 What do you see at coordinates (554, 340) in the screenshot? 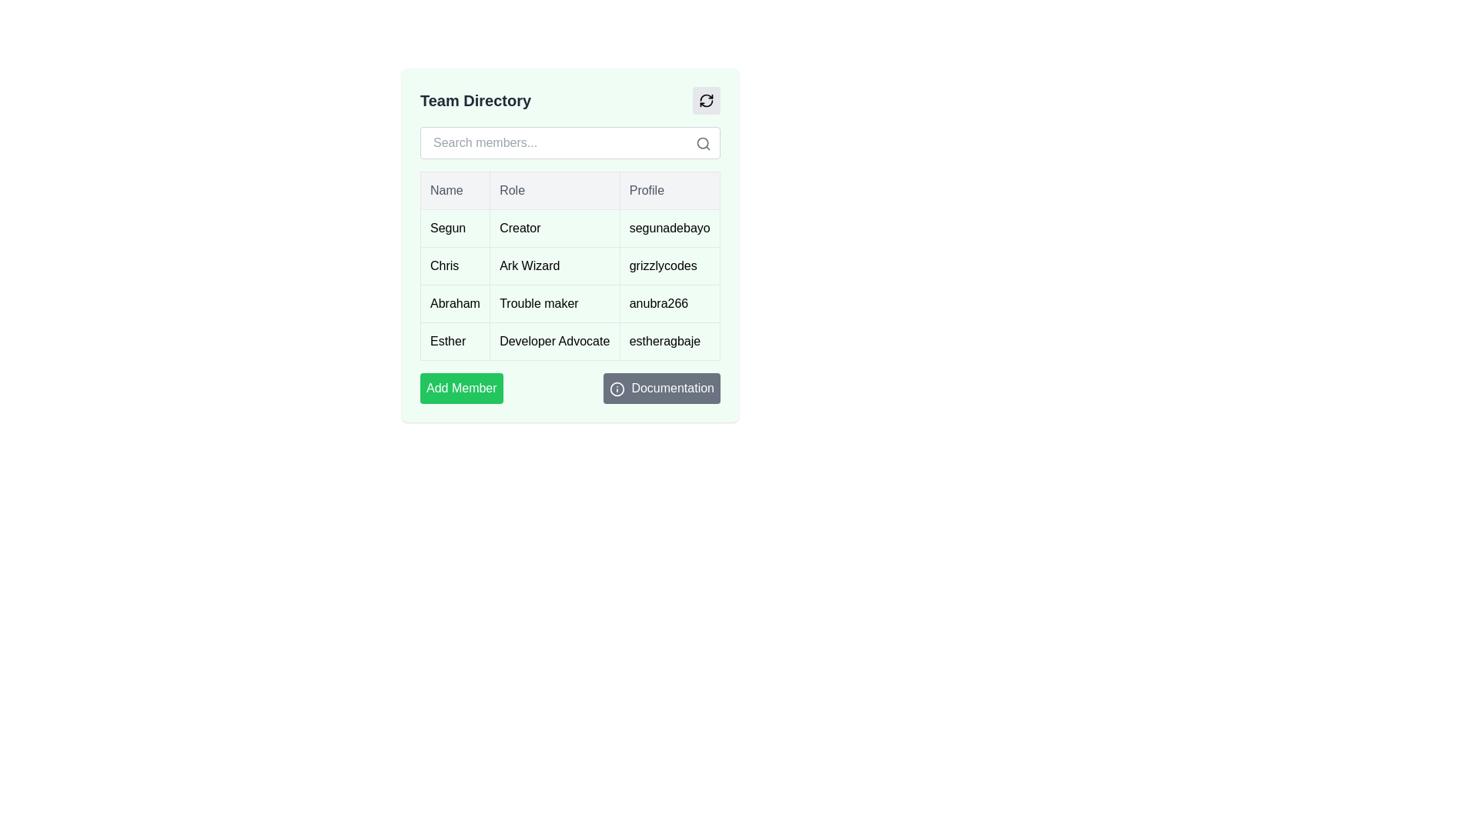
I see `the static text content displaying the role or job title of Esther in the grid under the 'Role' column` at bounding box center [554, 340].